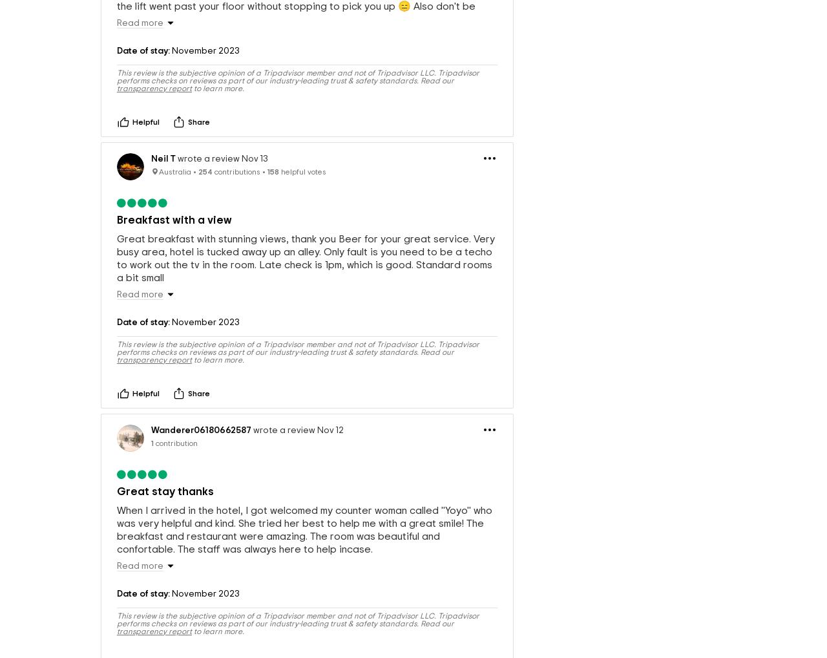  Describe the element at coordinates (151, 194) in the screenshot. I see `'Neil T'` at that location.